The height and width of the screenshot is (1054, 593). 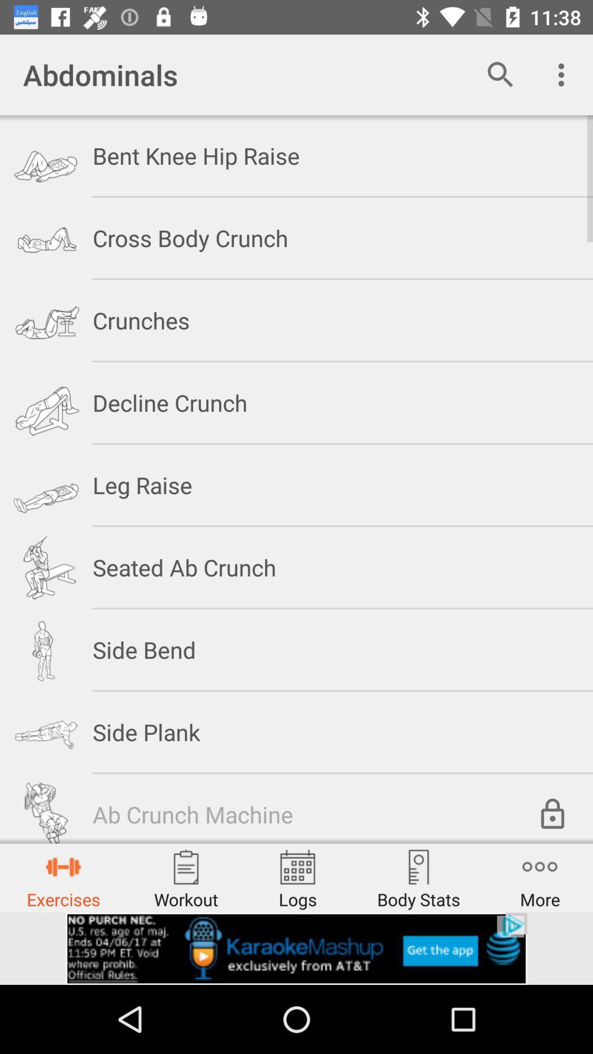 I want to click on advertisement, so click(x=296, y=948).